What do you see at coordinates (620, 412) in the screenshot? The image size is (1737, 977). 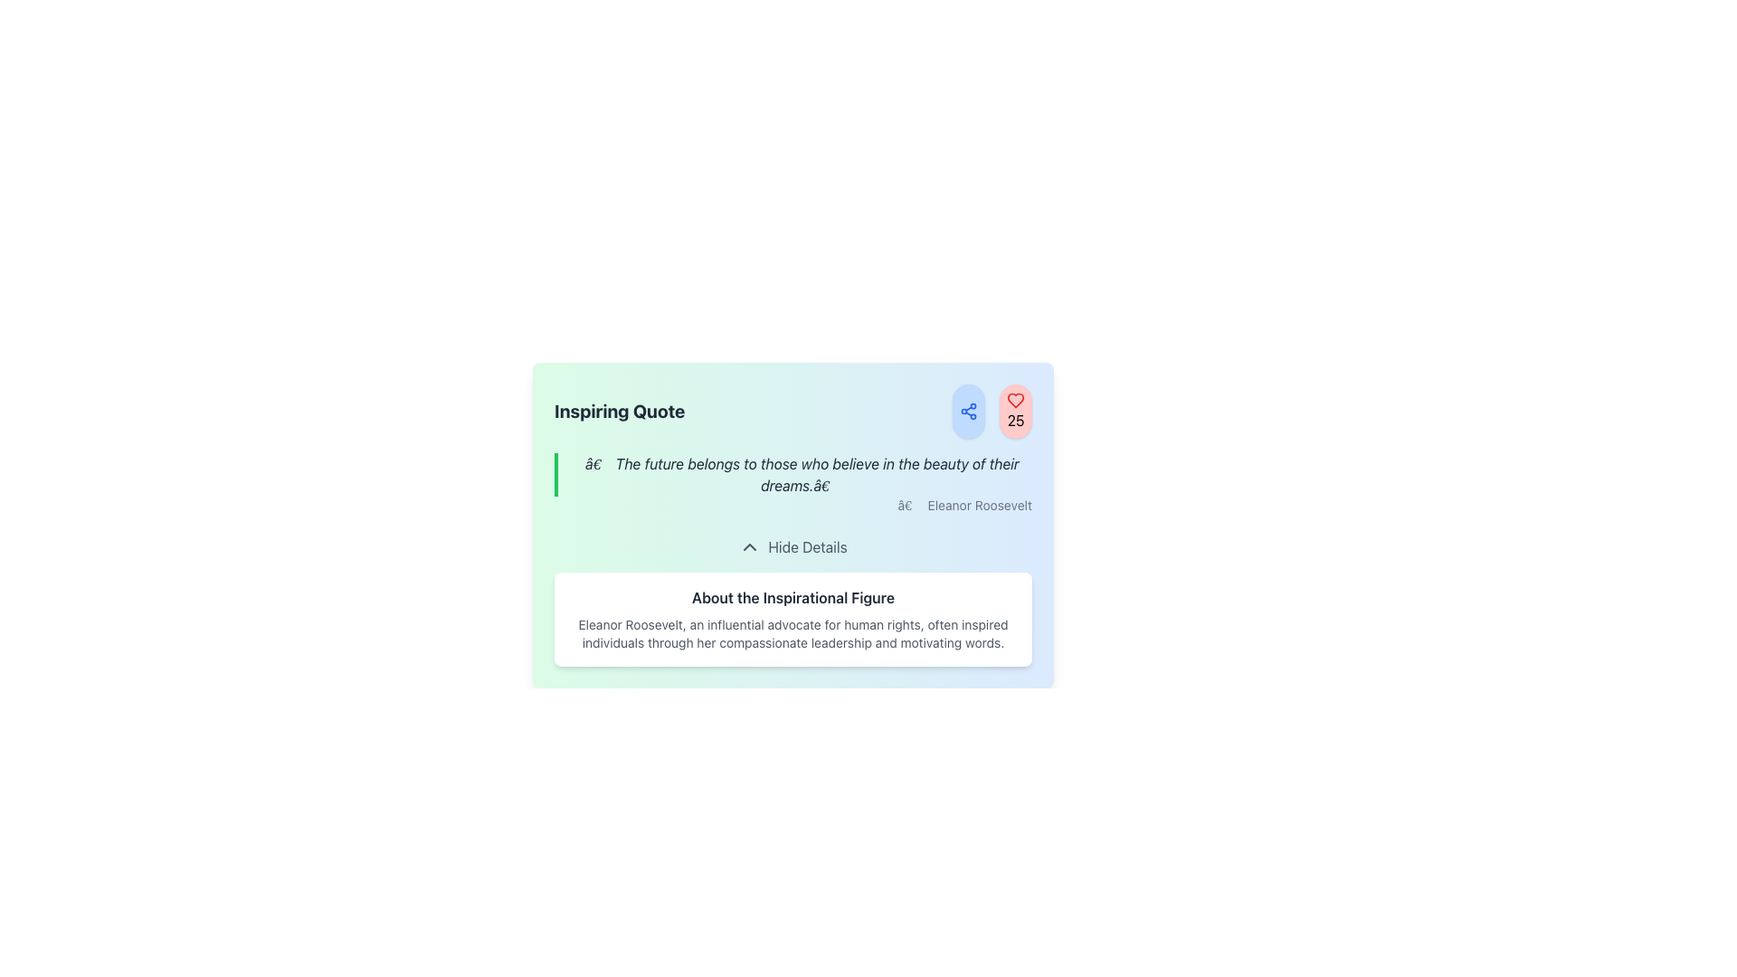 I see `the heading text label displaying 'Inspiring Quote' which is styled in a large sans-serif font on a light green-to-blue gradient background` at bounding box center [620, 412].